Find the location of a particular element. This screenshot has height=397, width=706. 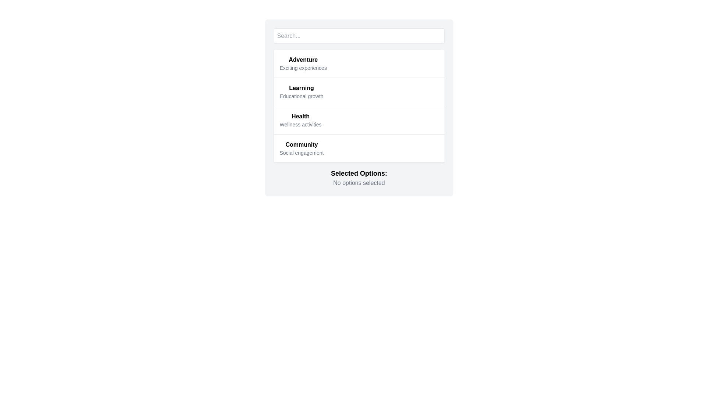

information provided by the static text label located directly beneath the 'Health' label in the third section of the vertically structured list is located at coordinates (300, 124).